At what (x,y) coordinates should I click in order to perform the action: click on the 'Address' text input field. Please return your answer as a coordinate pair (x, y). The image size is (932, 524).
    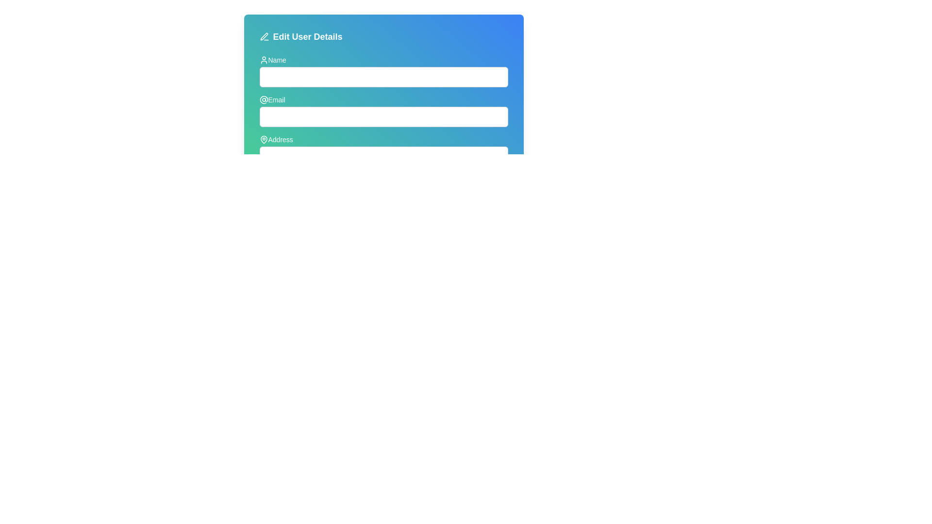
    Looking at the image, I should click on (383, 151).